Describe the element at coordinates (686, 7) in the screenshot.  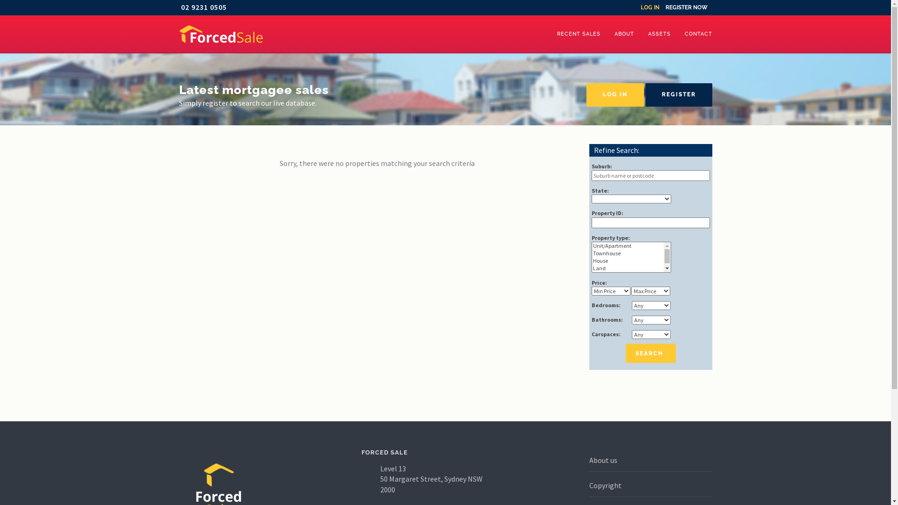
I see `'REGISTER NOW'` at that location.